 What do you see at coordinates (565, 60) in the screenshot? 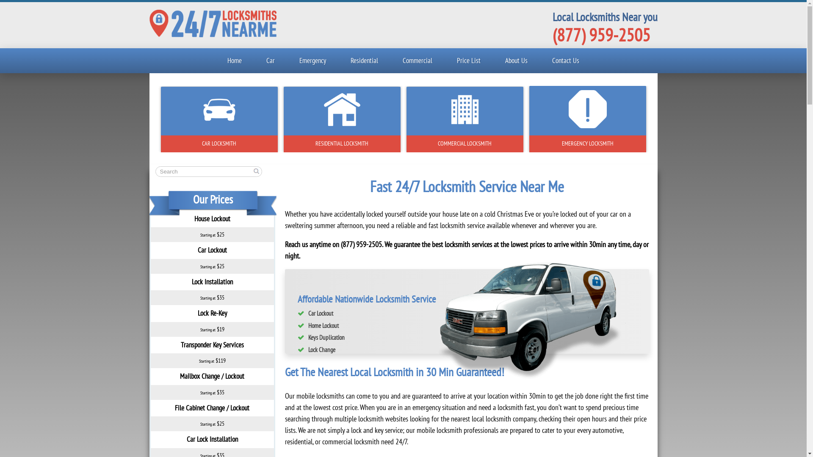
I see `'Contact Us'` at bounding box center [565, 60].